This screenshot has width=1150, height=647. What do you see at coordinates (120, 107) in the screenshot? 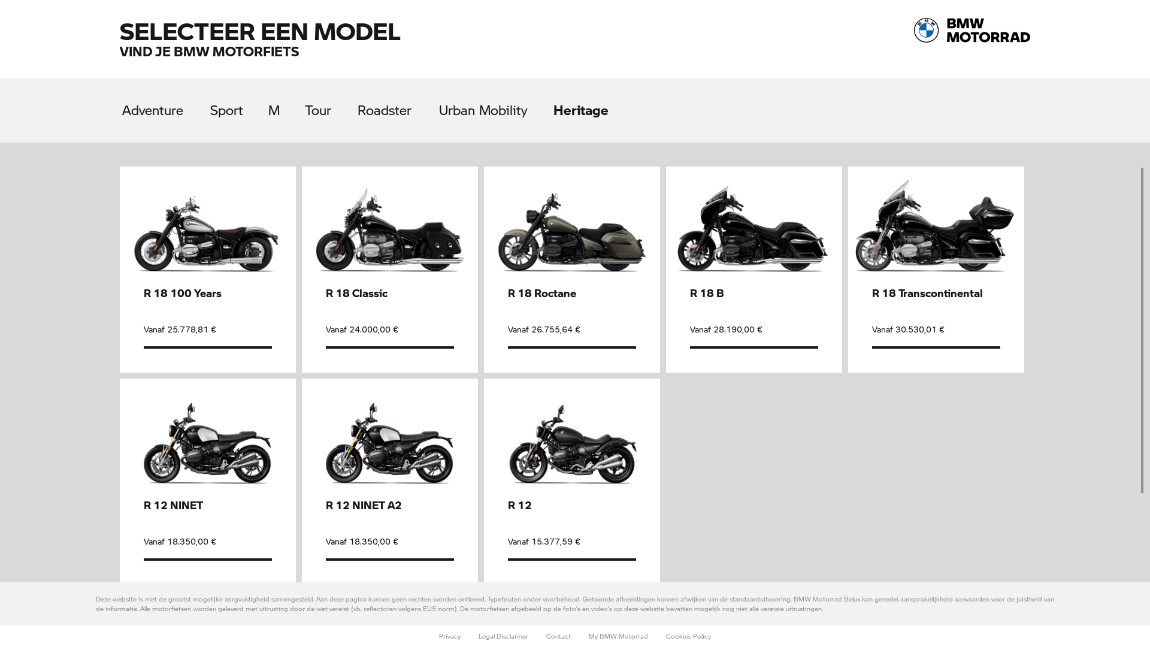
I see `'Adventure'` at bounding box center [120, 107].